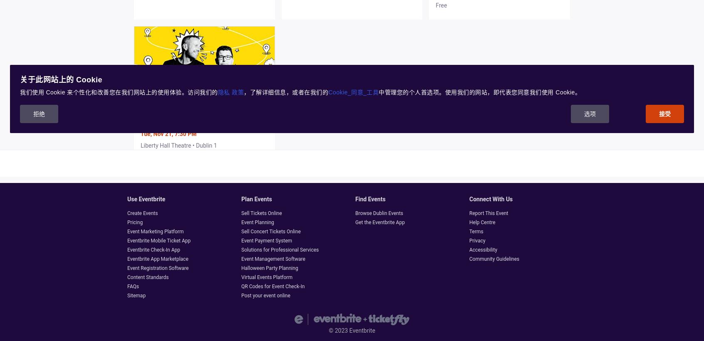 The width and height of the screenshot is (704, 341). I want to click on 'FAQs', so click(127, 286).